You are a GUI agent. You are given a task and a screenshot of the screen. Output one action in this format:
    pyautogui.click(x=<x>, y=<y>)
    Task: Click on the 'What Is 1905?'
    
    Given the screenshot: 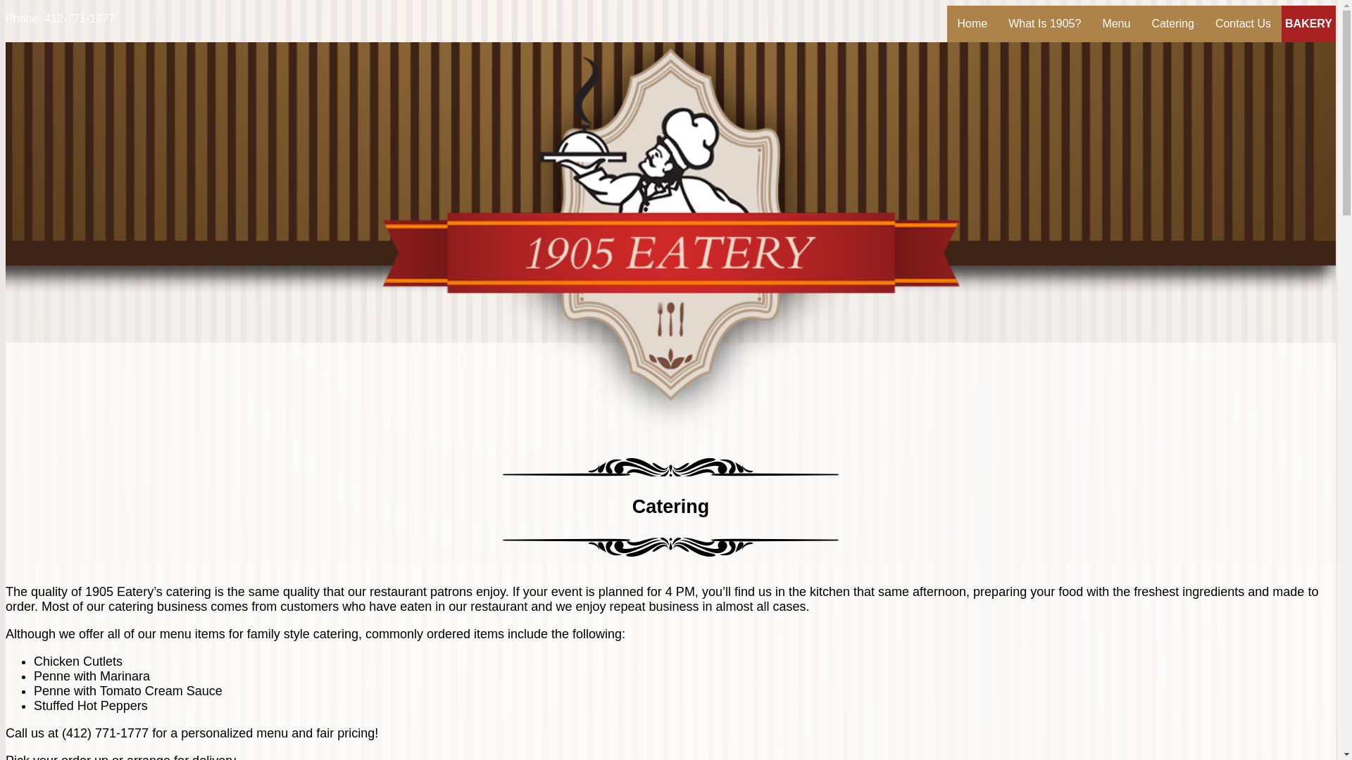 What is the action you would take?
    pyautogui.click(x=1044, y=24)
    